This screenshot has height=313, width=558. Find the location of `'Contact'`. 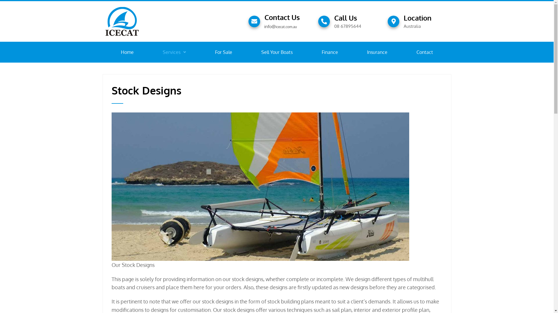

'Contact' is located at coordinates (424, 52).